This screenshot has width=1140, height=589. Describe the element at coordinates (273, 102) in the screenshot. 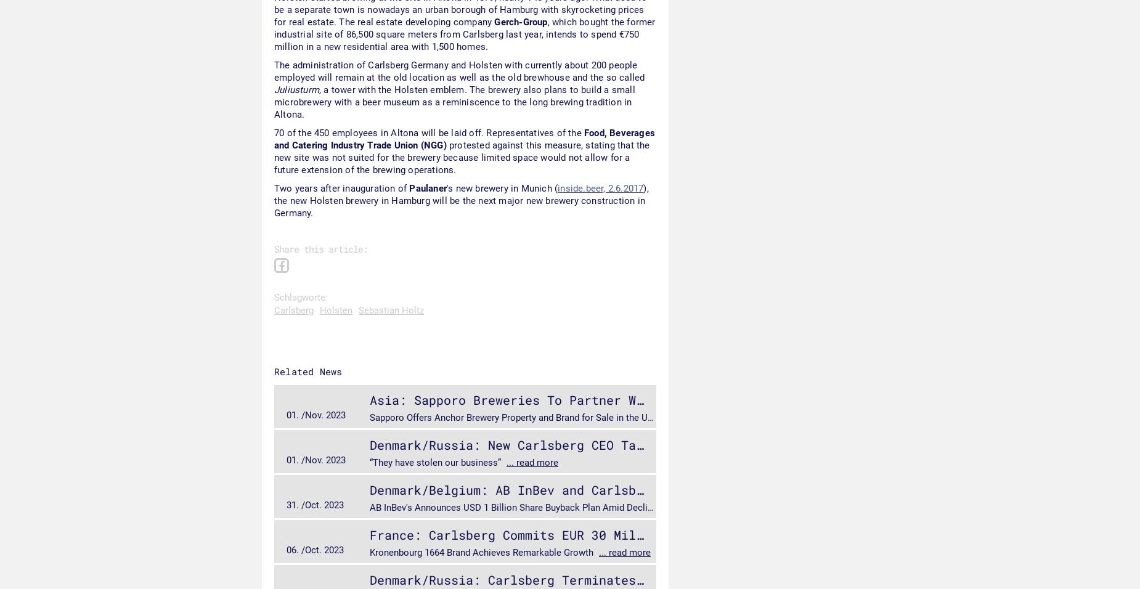

I see `'a tower with the Holsten emblem. The brewery also plans to build a small microbrewery with a beer museum as a reminiscence to the long brewing tradition in Altona.'` at that location.